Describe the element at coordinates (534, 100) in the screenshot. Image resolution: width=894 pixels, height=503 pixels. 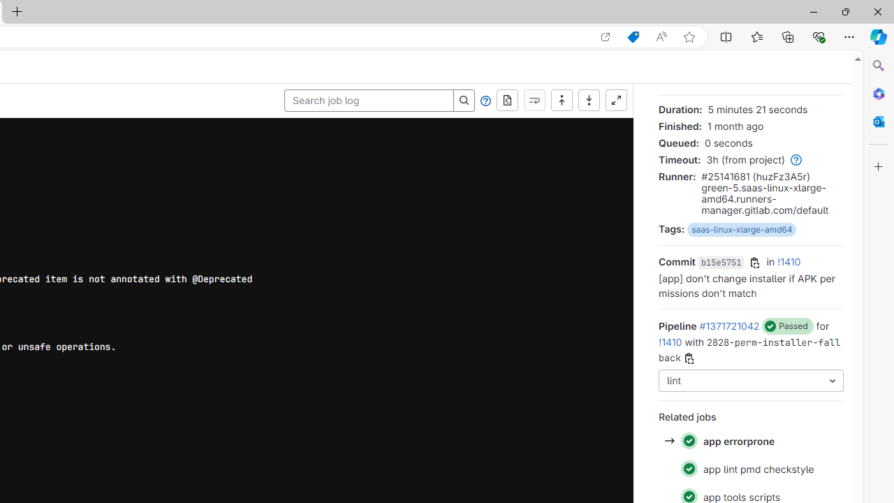
I see `'Scroll to next failure'` at that location.